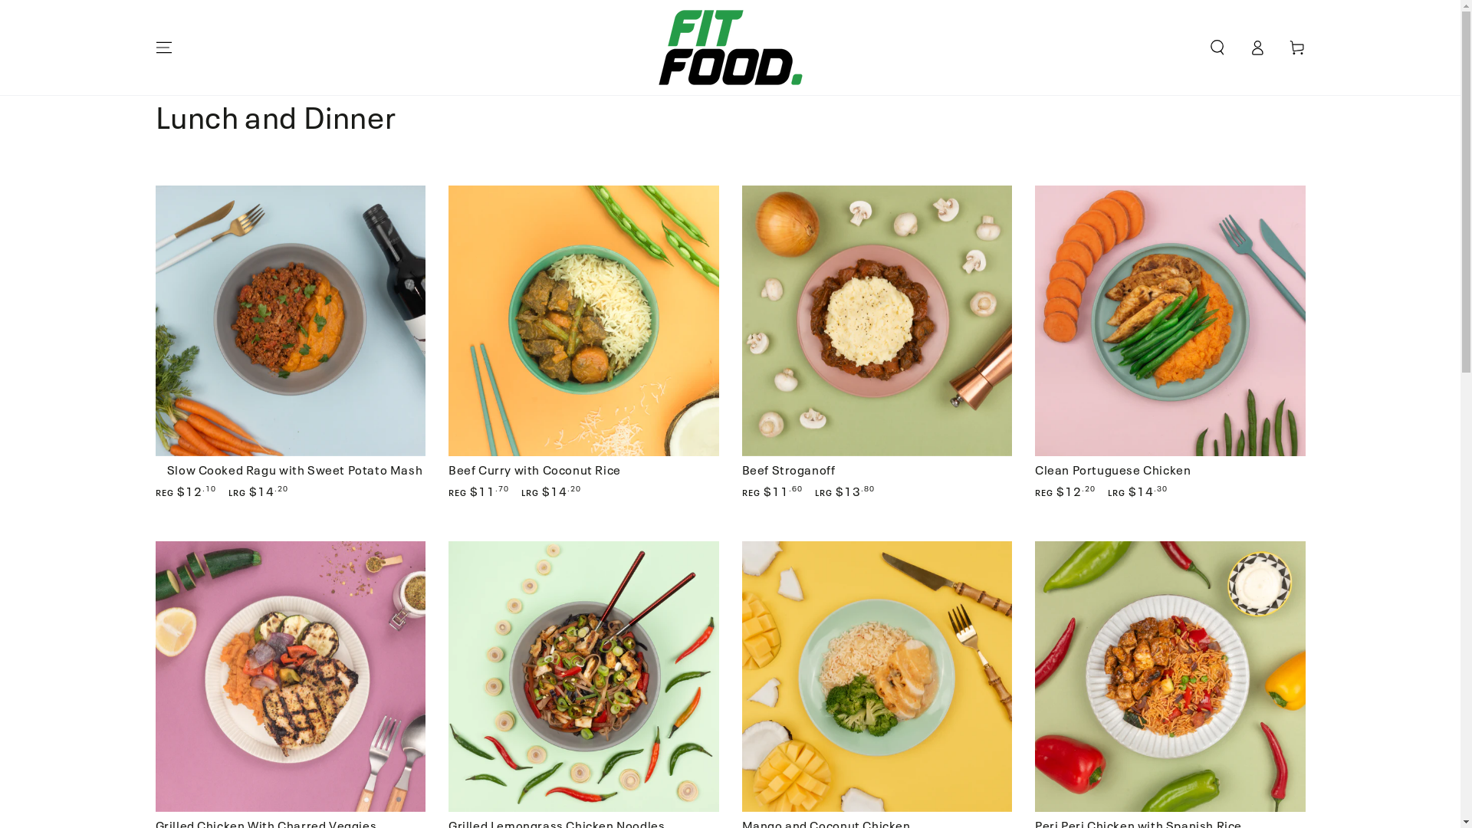 Image resolution: width=1472 pixels, height=828 pixels. I want to click on 'Beef Curry with Coconut Rice', so click(534, 468).